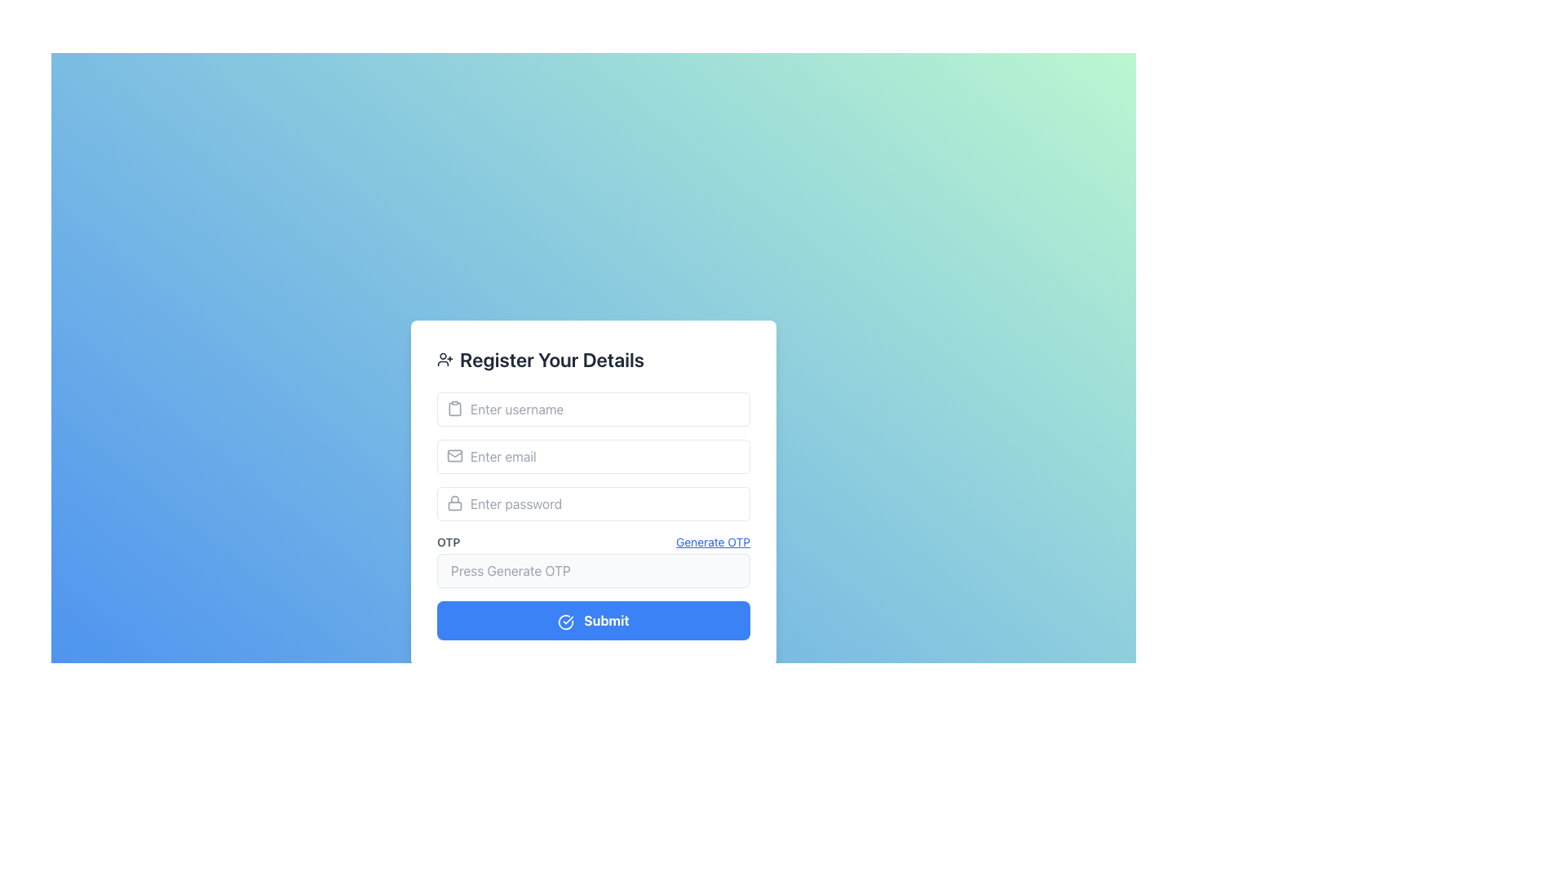  What do you see at coordinates (593, 620) in the screenshot?
I see `the 'Submit' button with a blue background and white text` at bounding box center [593, 620].